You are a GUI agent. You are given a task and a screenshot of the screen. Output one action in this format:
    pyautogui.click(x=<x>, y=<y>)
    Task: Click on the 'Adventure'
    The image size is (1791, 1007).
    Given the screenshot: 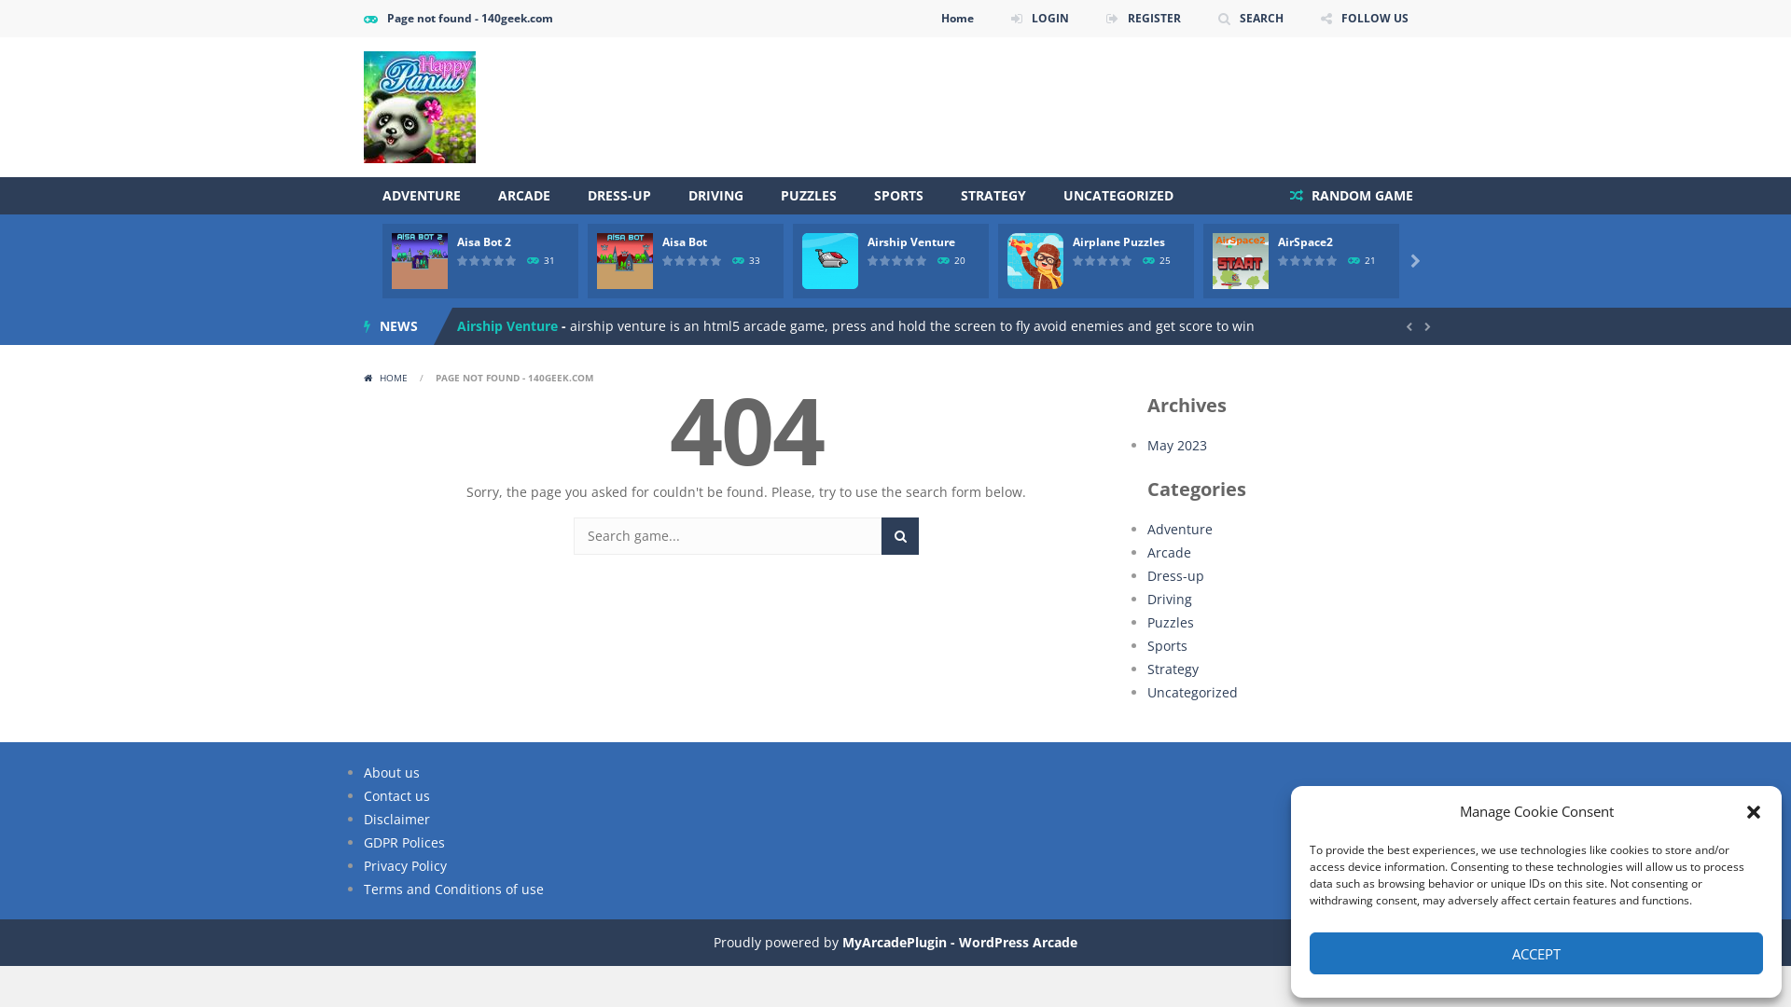 What is the action you would take?
    pyautogui.click(x=1179, y=529)
    